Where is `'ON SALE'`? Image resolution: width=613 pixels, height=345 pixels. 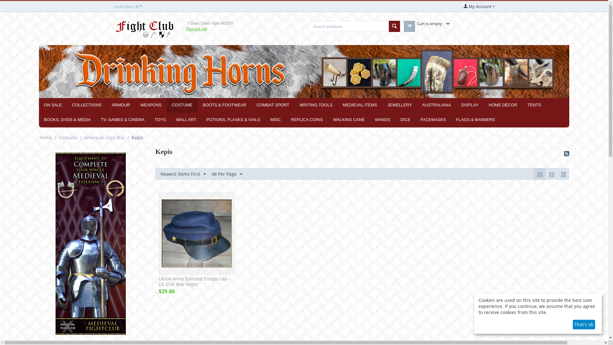
'ON SALE' is located at coordinates (53, 105).